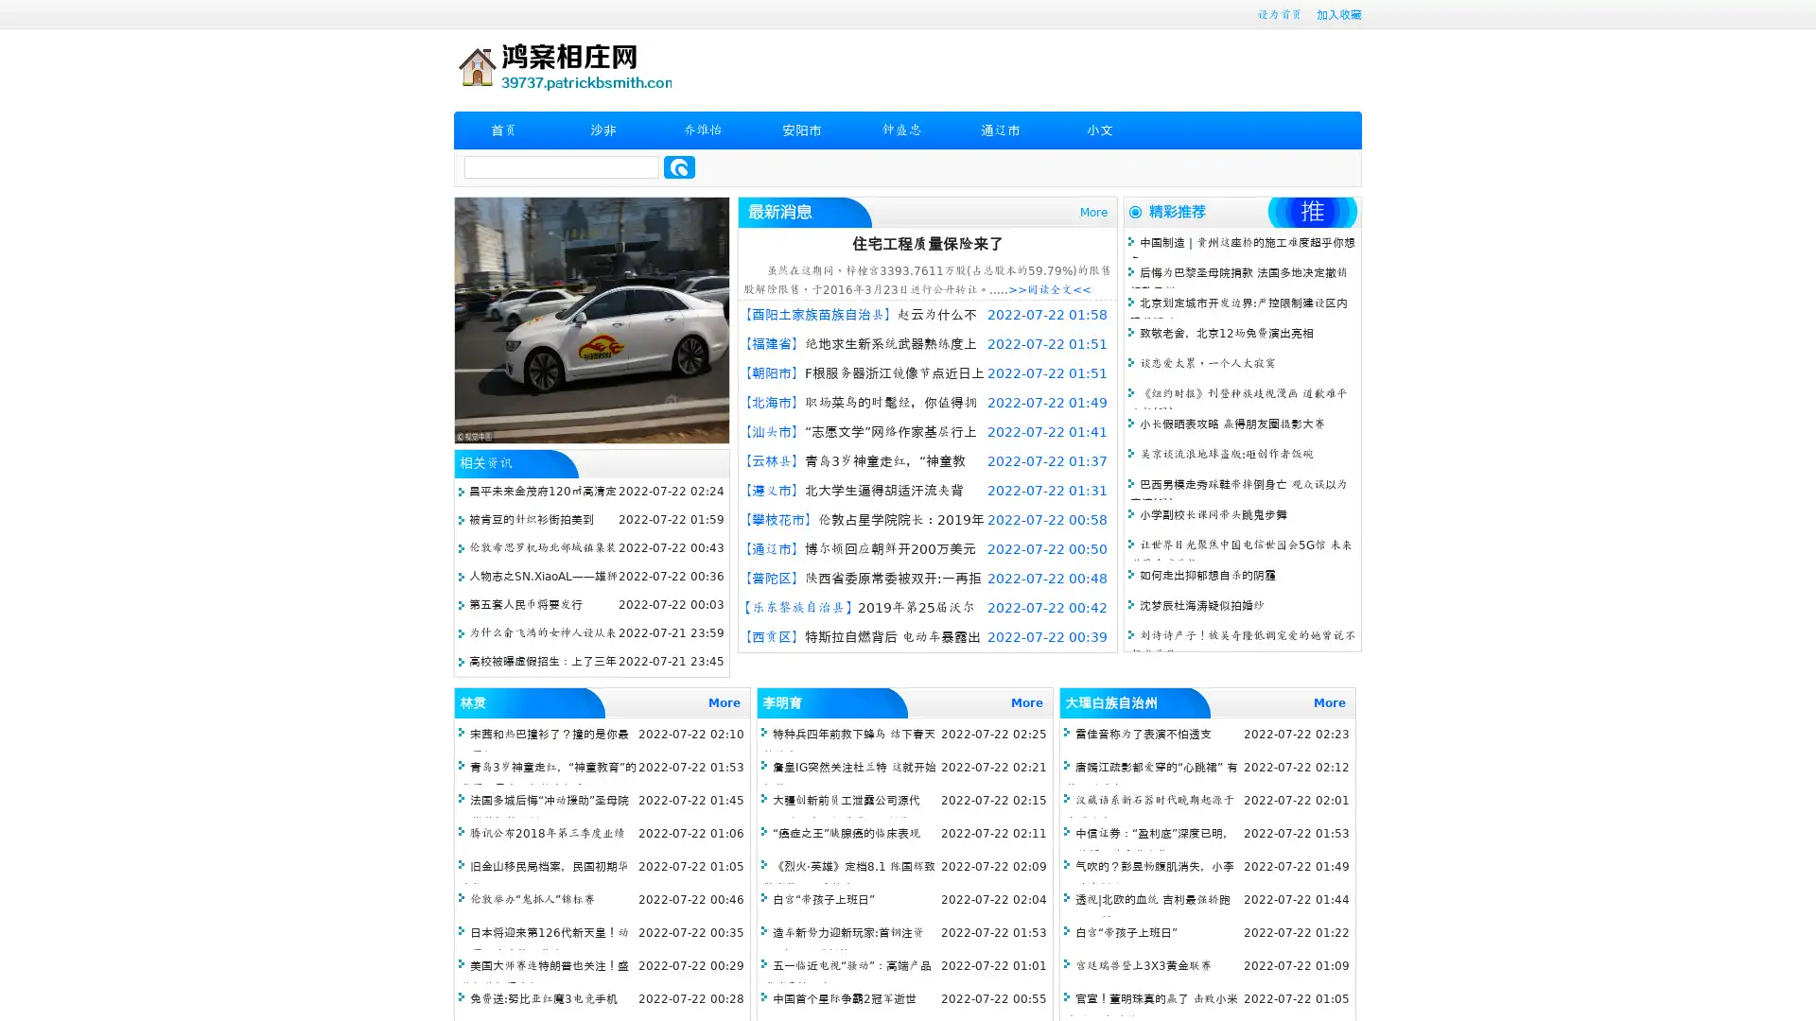  Describe the element at coordinates (679, 166) in the screenshot. I see `Search` at that location.